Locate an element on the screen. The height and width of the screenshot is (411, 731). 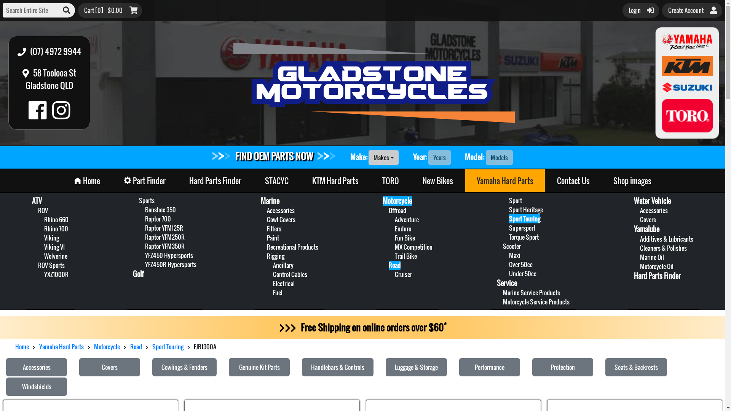
'Raptor YFM125R' is located at coordinates (164, 227).